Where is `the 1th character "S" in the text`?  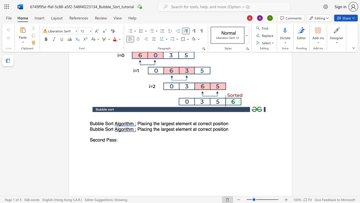 the 1th character "S" in the text is located at coordinates (107, 129).